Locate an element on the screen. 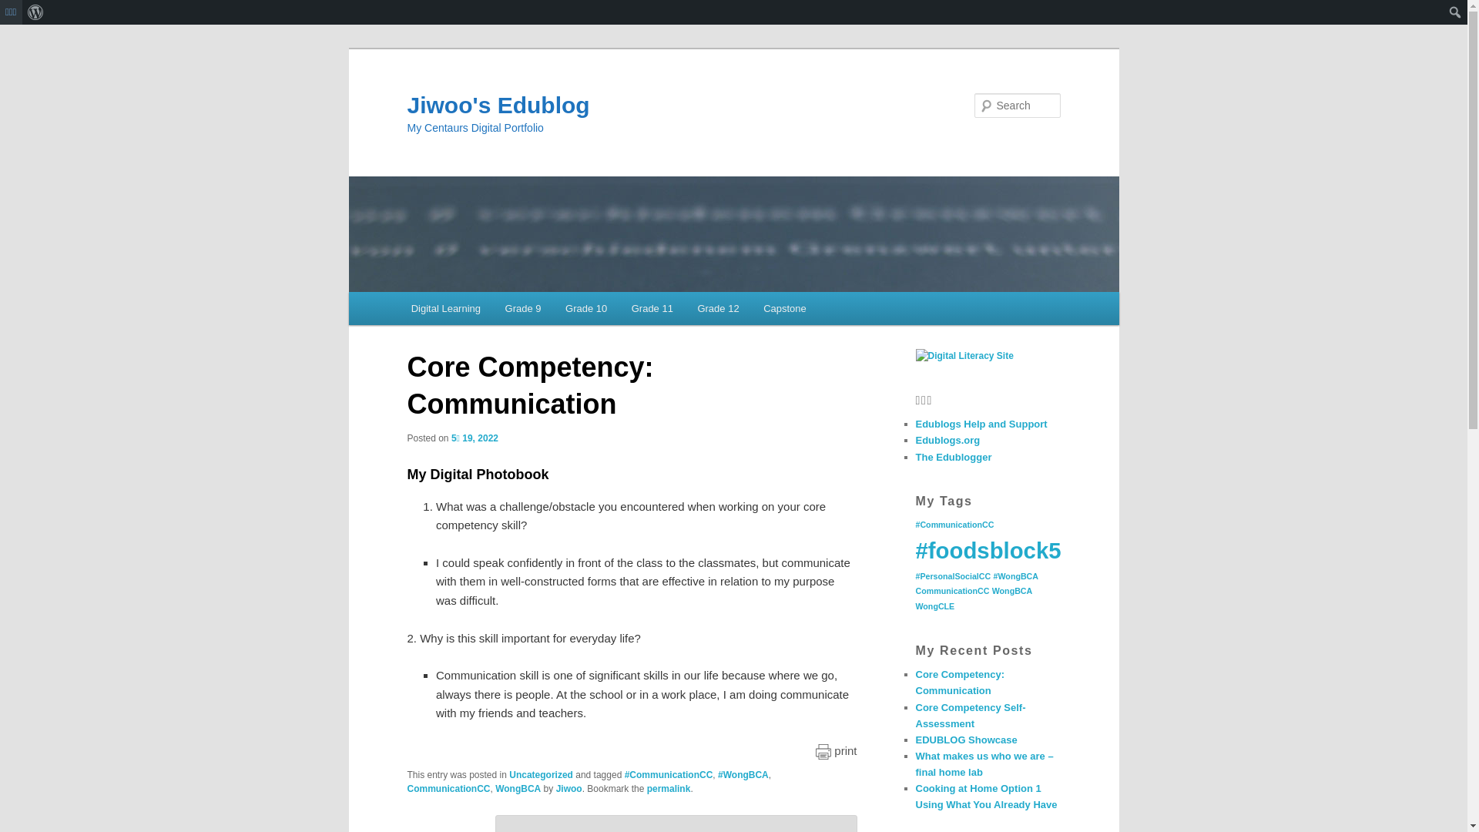 This screenshot has height=832, width=1479. 'Cooking at Home Option 1 Using What You Already Have' is located at coordinates (986, 796).